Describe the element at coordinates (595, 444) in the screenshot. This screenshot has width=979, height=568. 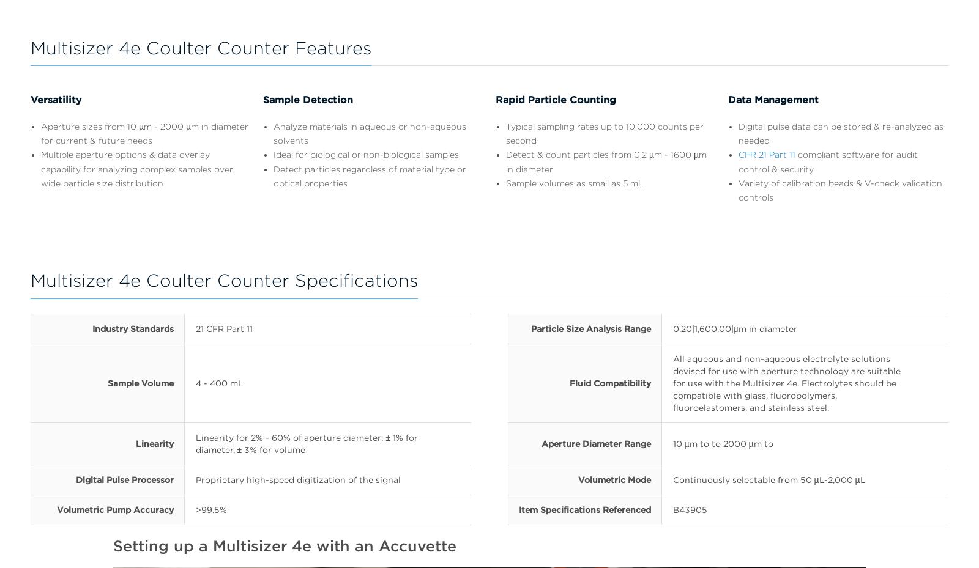
I see `'Aperture Diameter Range'` at that location.